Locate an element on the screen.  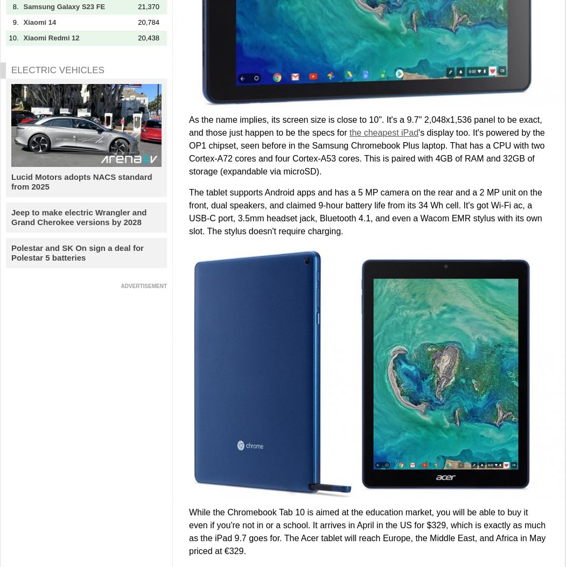
'ELECTRIC VEHICLES' is located at coordinates (57, 69).